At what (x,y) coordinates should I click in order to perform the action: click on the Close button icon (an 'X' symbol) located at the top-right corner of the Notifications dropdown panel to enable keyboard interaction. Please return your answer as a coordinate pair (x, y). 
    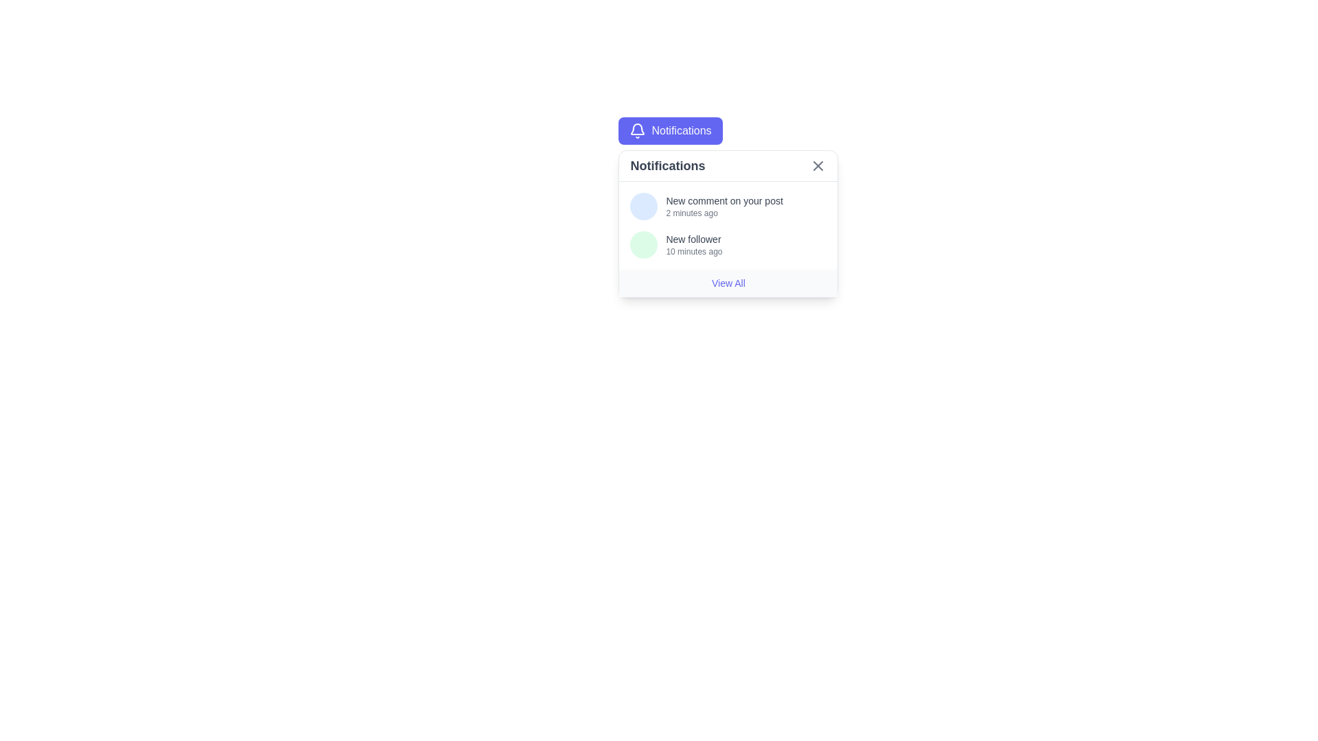
    Looking at the image, I should click on (818, 165).